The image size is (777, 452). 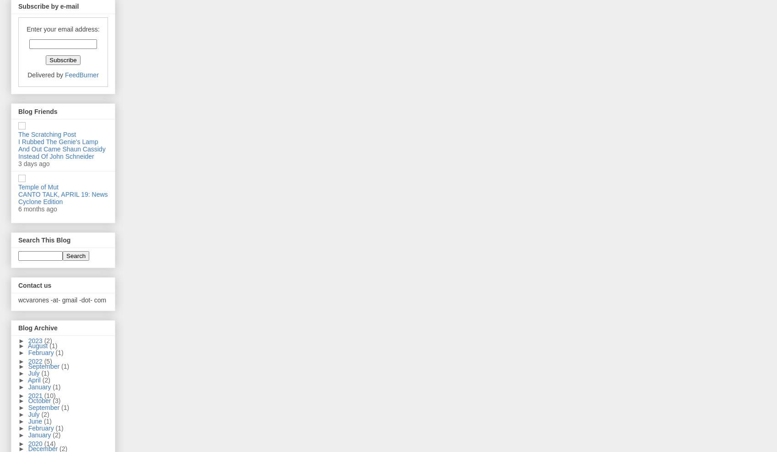 I want to click on 'Delivered by', so click(x=45, y=75).